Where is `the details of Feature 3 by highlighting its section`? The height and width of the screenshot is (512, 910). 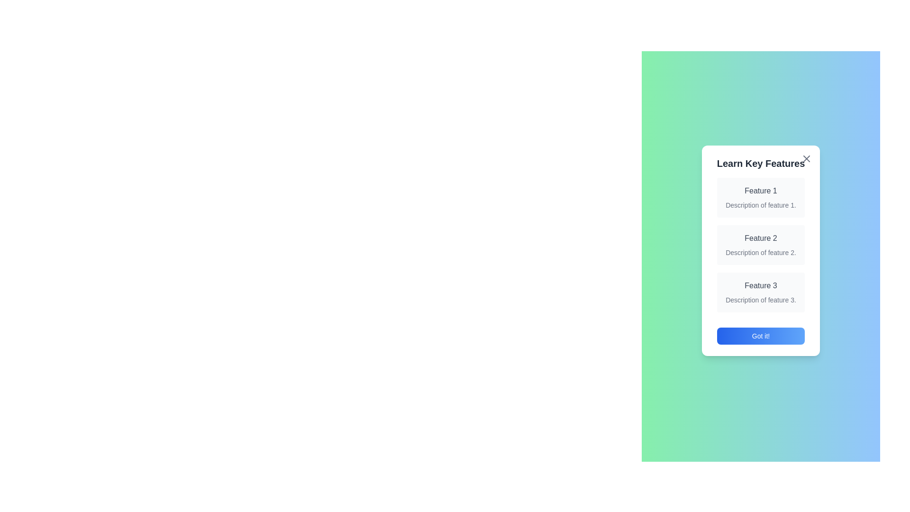
the details of Feature 3 by highlighting its section is located at coordinates (760, 292).